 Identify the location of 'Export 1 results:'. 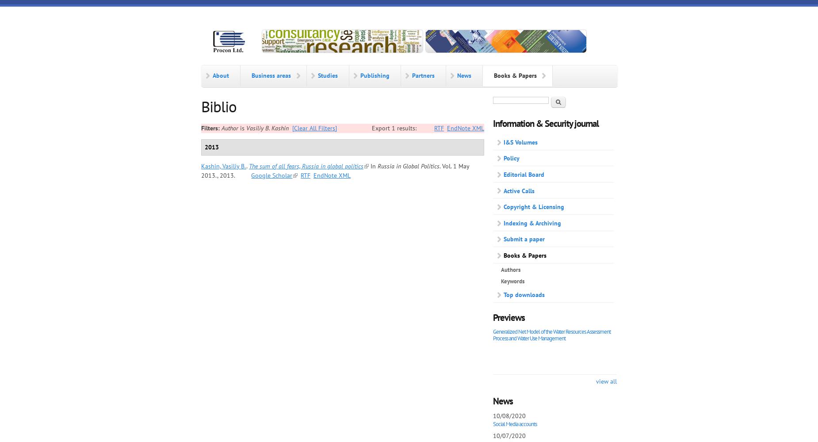
(394, 128).